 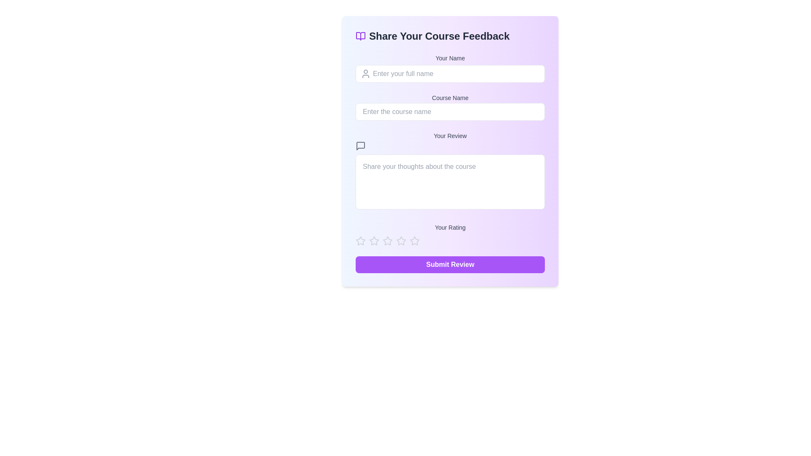 I want to click on the third star icon in the rating system under the 'Your Rating' label to rate it as three stars, so click(x=401, y=241).